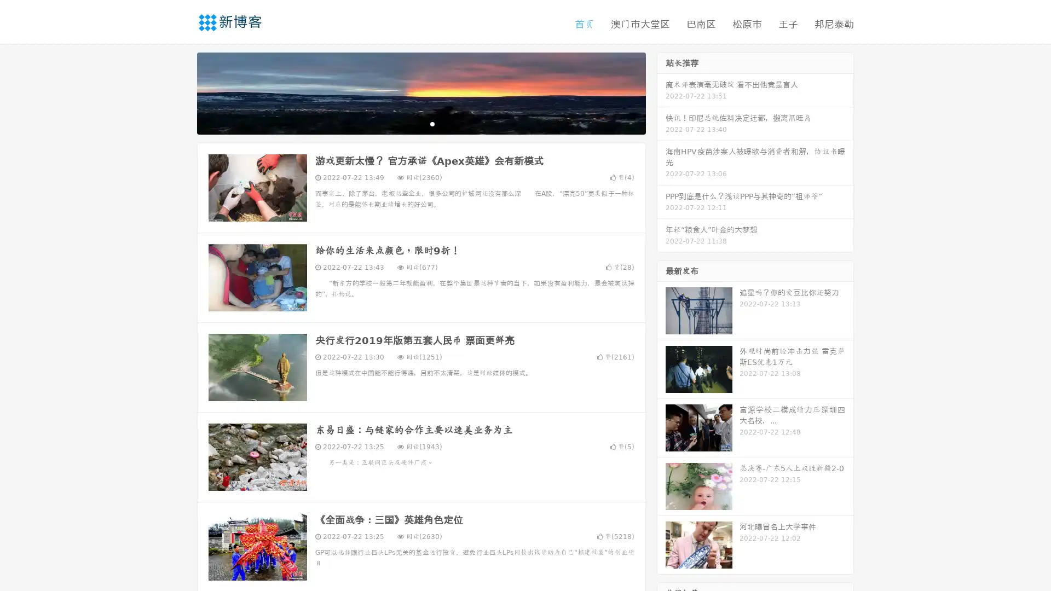  Describe the element at coordinates (409, 123) in the screenshot. I see `Go to slide 1` at that location.